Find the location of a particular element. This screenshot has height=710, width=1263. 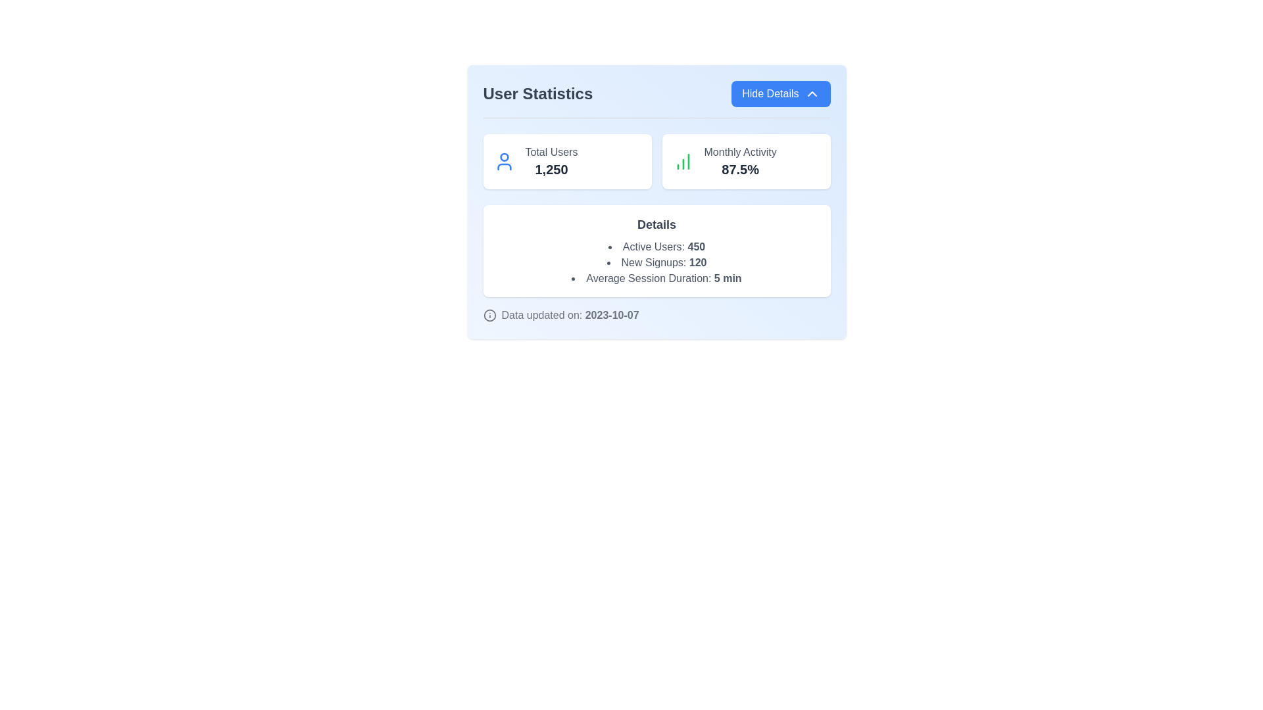

the average duration of user sessions text display located in the 'Details' section of the 'User Statistics' card, which is the third item in the bulleted list under the 'Details' heading is located at coordinates (656, 278).